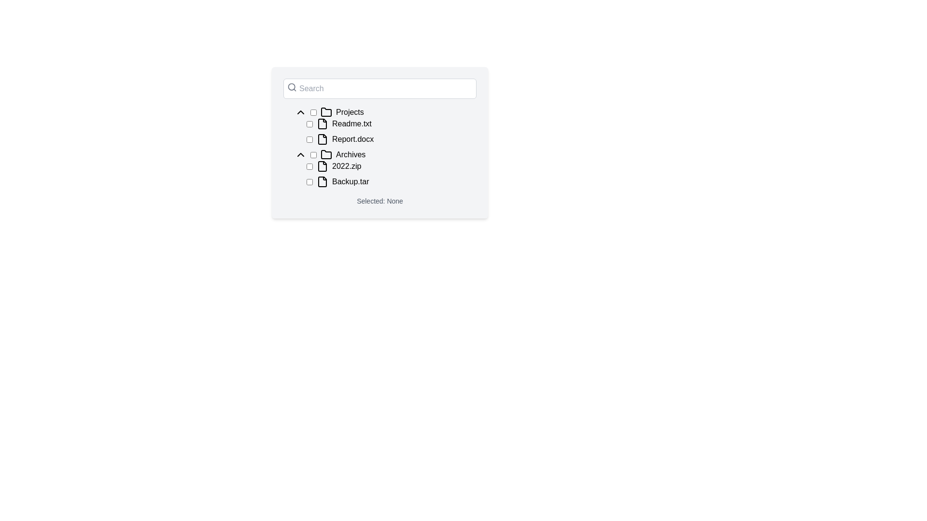  What do you see at coordinates (322, 182) in the screenshot?
I see `the icon representing the file 'Backup.tar', which is located in the list of files under the section titled 'Archives'` at bounding box center [322, 182].